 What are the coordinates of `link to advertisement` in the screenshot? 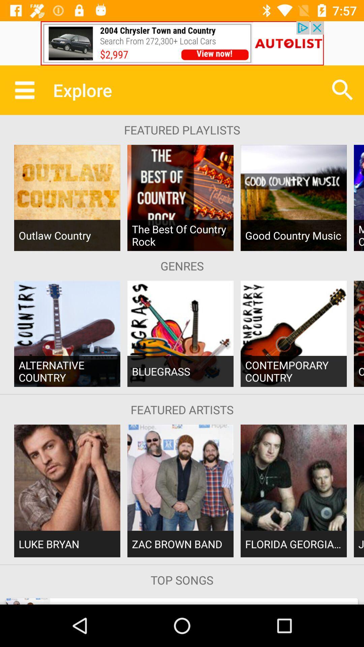 It's located at (182, 43).